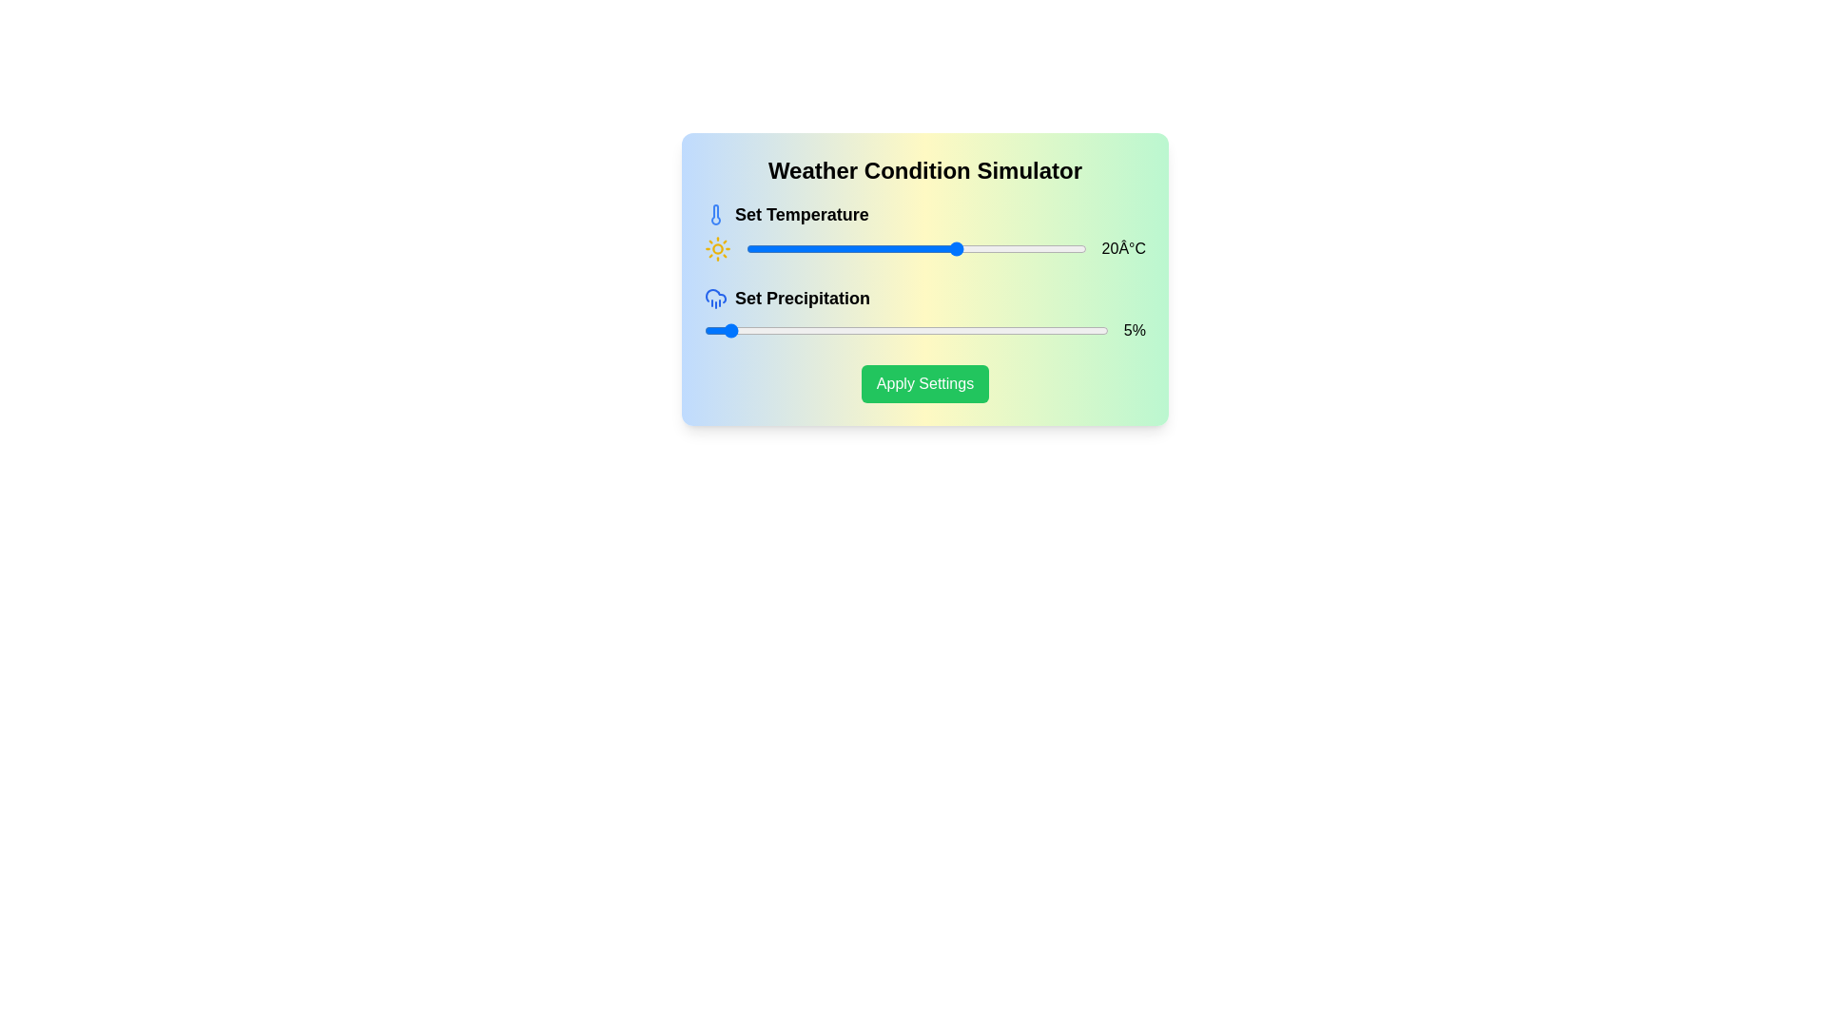 The image size is (1826, 1027). Describe the element at coordinates (911, 248) in the screenshot. I see `the temperature slider to 9°C` at that location.